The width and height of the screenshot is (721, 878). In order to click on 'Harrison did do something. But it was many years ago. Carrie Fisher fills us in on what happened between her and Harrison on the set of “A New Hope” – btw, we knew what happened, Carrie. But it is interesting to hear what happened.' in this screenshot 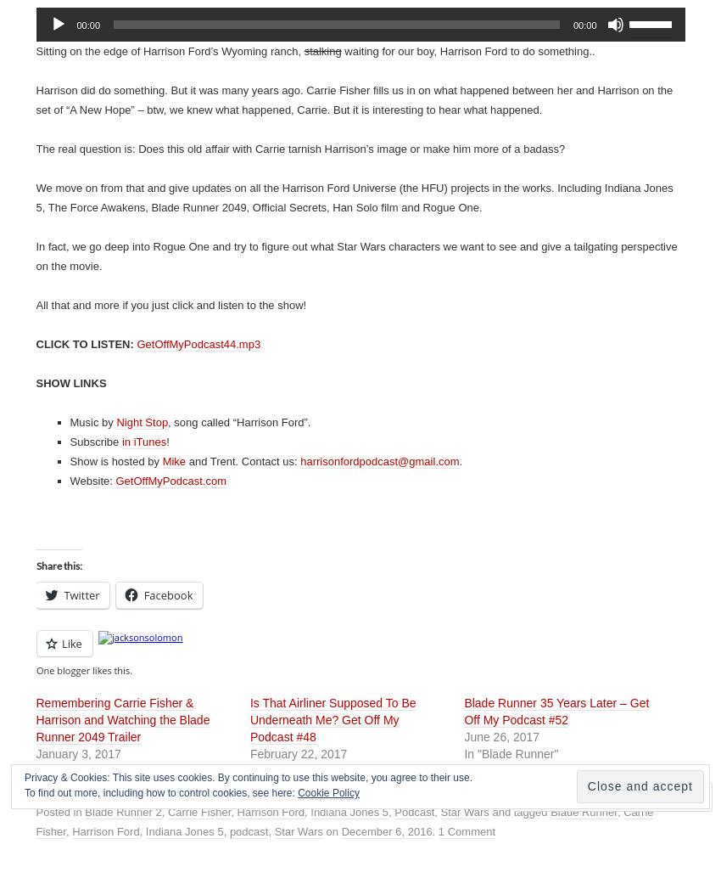, I will do `click(354, 99)`.